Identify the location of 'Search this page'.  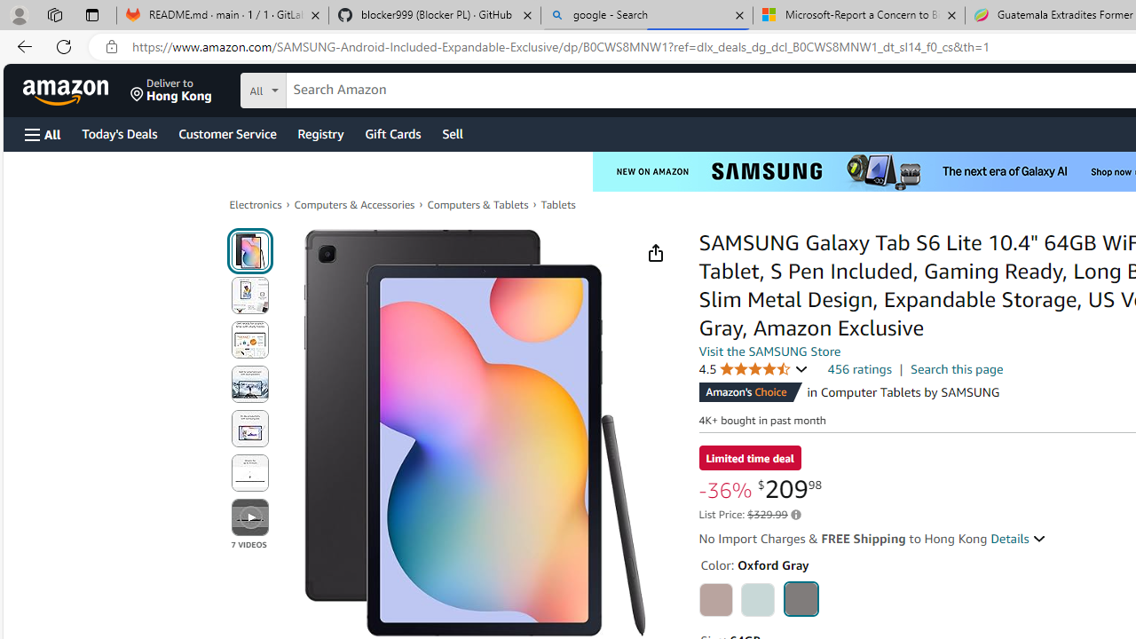
(957, 368).